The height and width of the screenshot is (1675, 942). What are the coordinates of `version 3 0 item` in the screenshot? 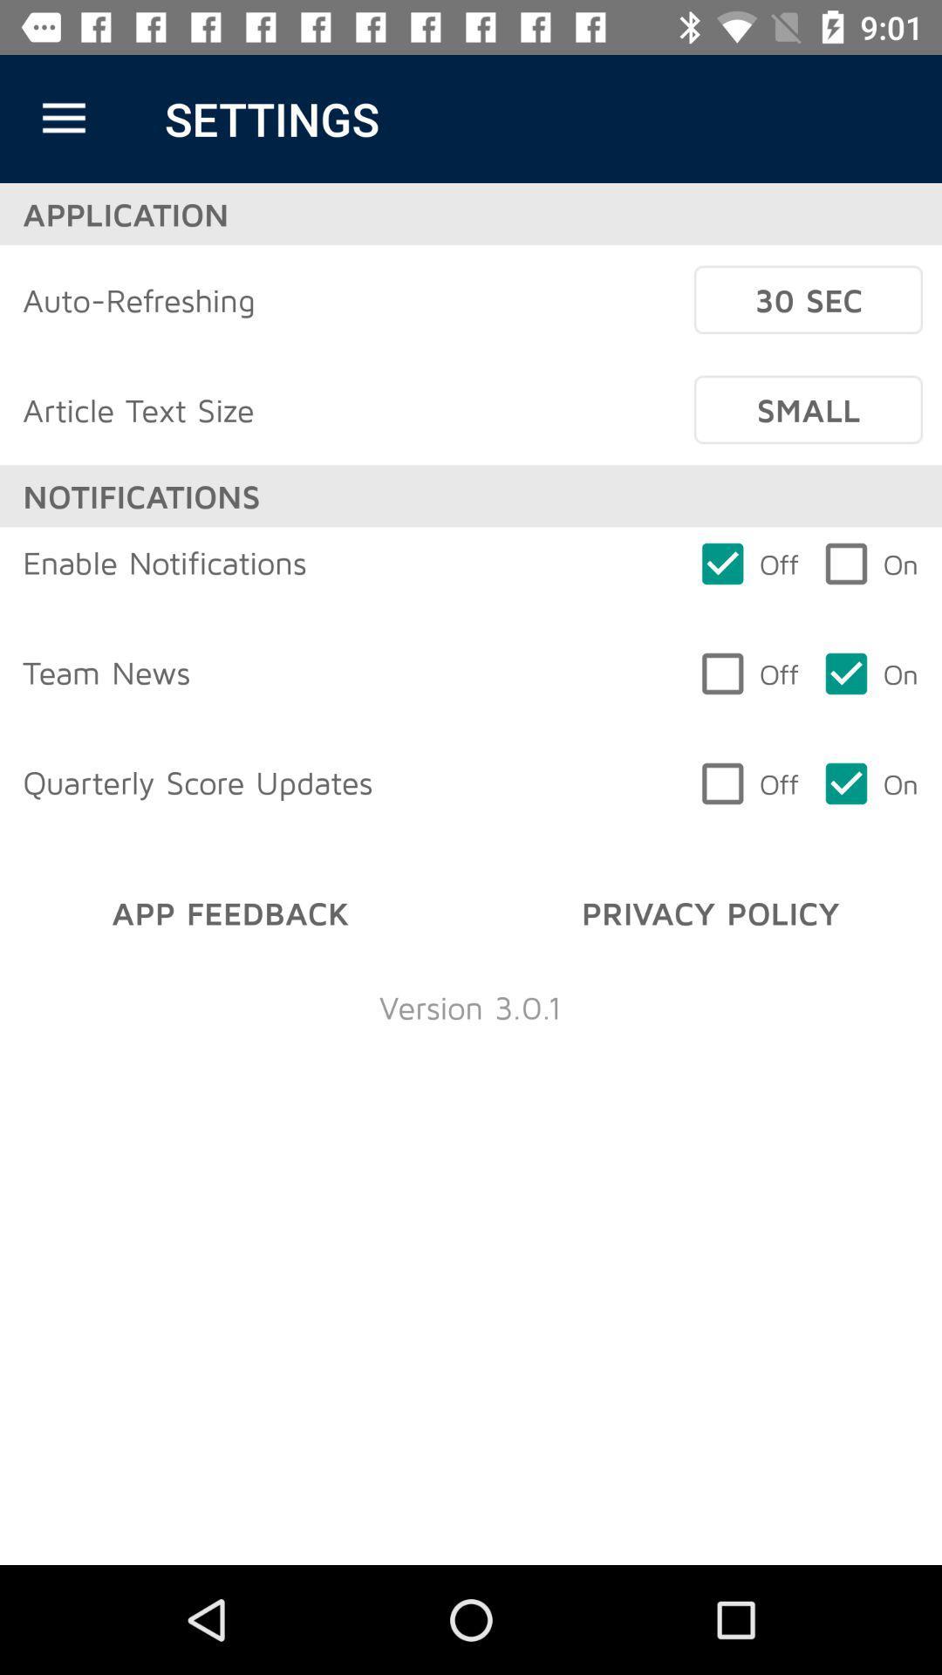 It's located at (469, 1007).